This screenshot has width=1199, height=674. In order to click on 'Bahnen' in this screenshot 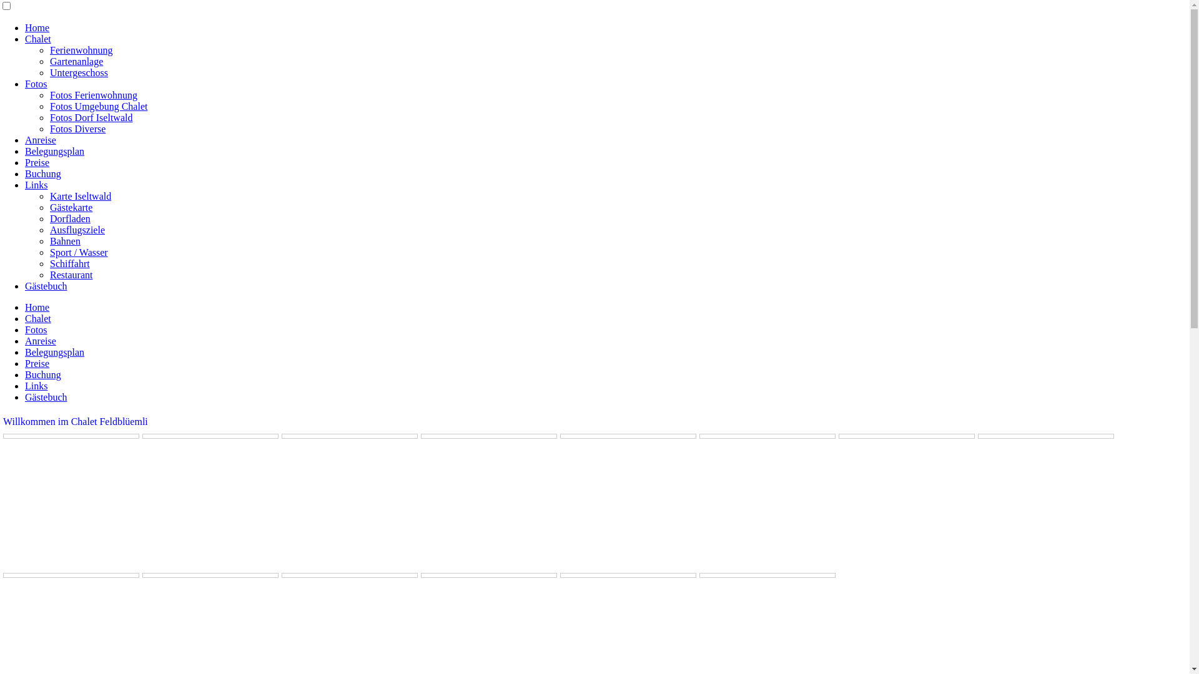, I will do `click(50, 241)`.